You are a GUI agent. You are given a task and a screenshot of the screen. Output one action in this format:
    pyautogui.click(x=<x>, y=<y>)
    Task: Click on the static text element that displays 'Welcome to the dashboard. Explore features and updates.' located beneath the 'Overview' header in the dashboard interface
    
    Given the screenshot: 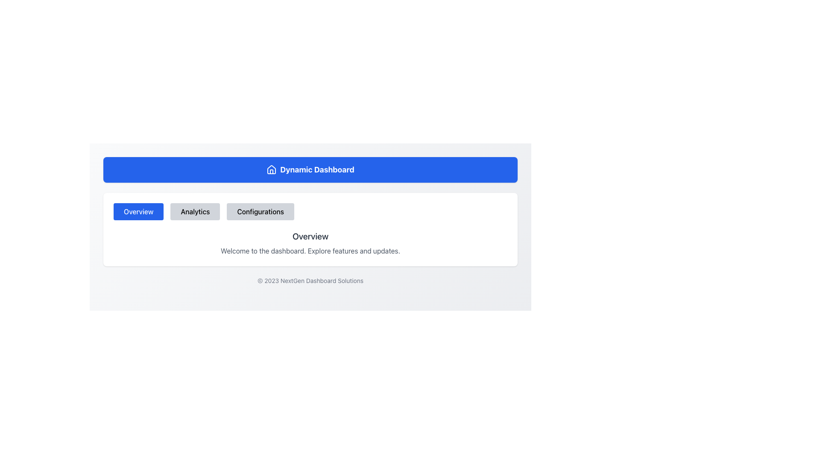 What is the action you would take?
    pyautogui.click(x=310, y=250)
    